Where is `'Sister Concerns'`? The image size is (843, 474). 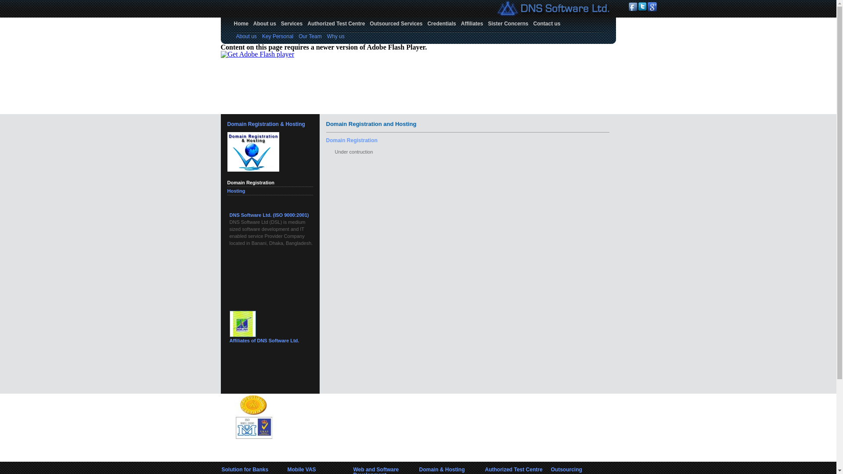 'Sister Concerns' is located at coordinates (485, 23).